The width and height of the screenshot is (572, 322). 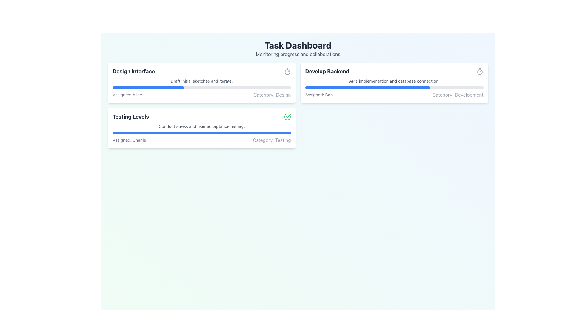 I want to click on the Text Display element that provides information about the individual assigned to the task associated with the card above it, positioned below a progress bar in the 'Design Interface' card, so click(x=127, y=94).